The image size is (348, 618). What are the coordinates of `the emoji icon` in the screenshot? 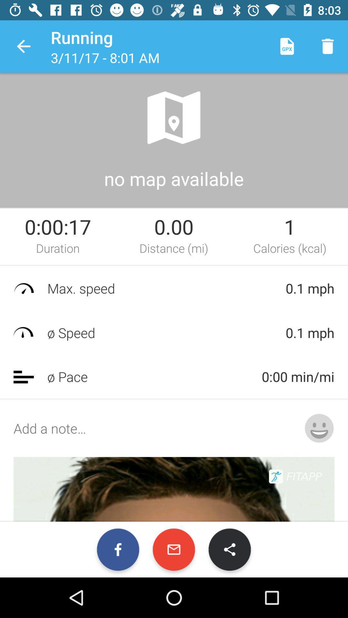 It's located at (319, 428).